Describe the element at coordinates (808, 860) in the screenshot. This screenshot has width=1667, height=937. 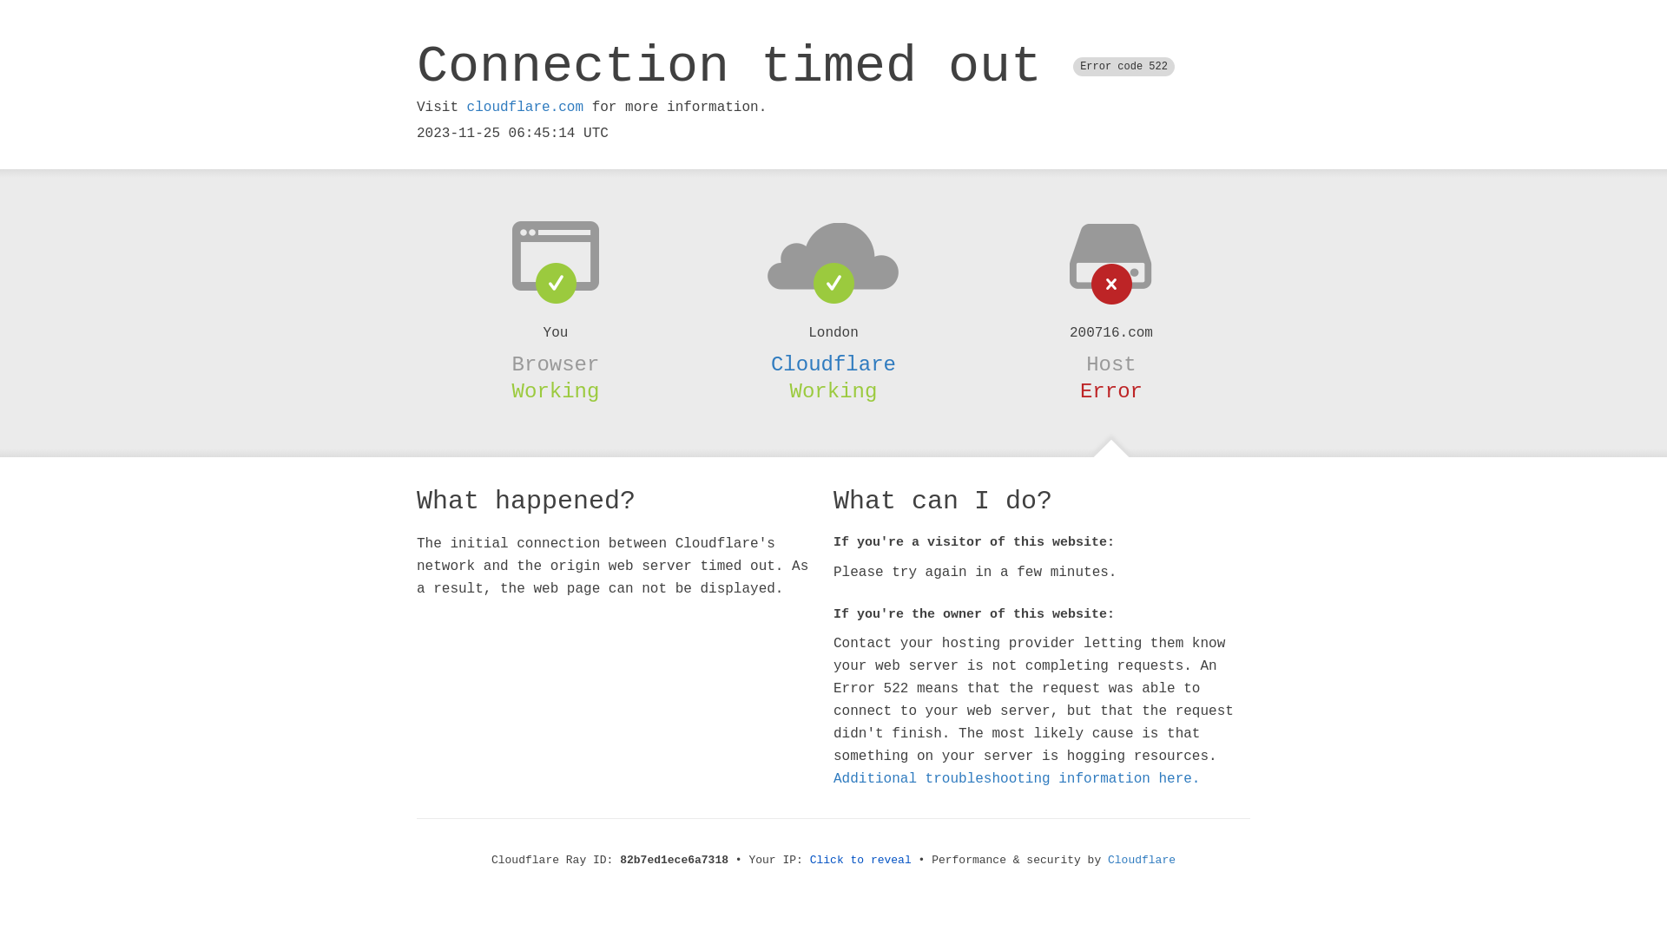
I see `'Click to reveal'` at that location.